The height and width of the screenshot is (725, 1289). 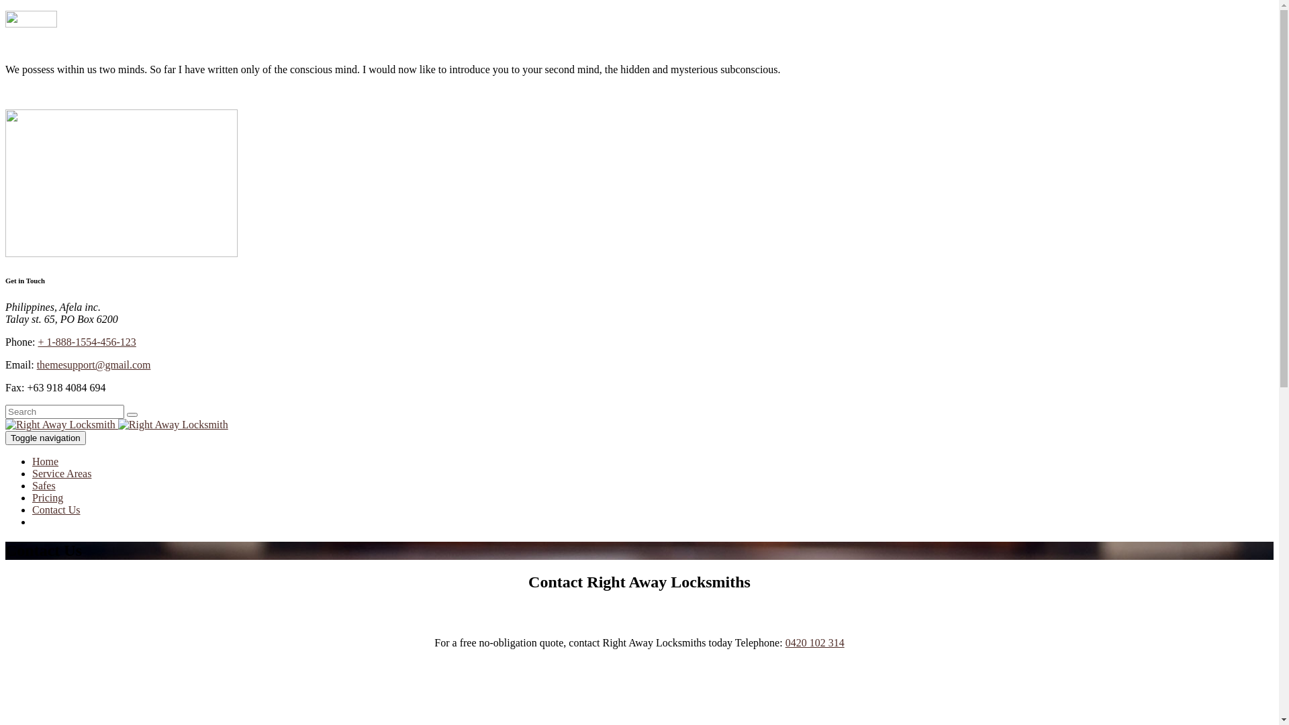 I want to click on '0420 102 314', so click(x=785, y=642).